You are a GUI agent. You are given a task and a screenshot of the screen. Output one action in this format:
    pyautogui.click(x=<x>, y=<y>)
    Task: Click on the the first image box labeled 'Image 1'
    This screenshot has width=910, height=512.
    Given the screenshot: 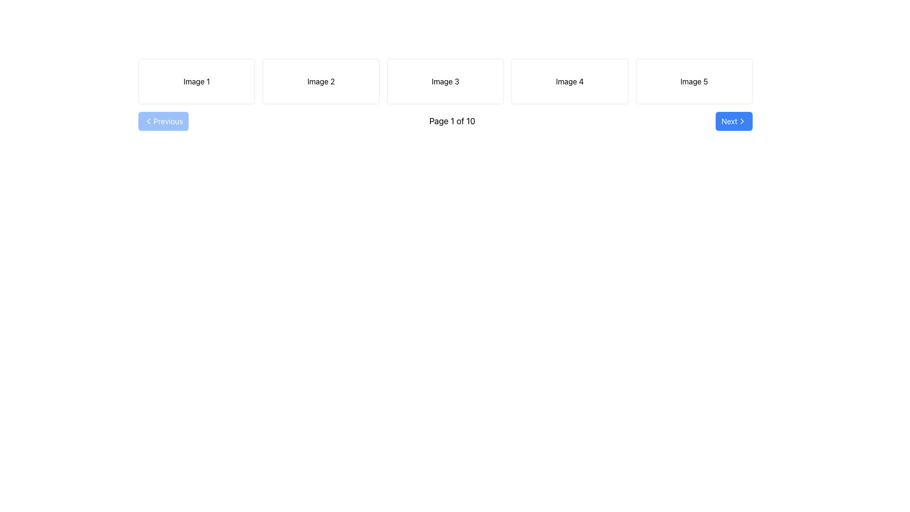 What is the action you would take?
    pyautogui.click(x=196, y=81)
    